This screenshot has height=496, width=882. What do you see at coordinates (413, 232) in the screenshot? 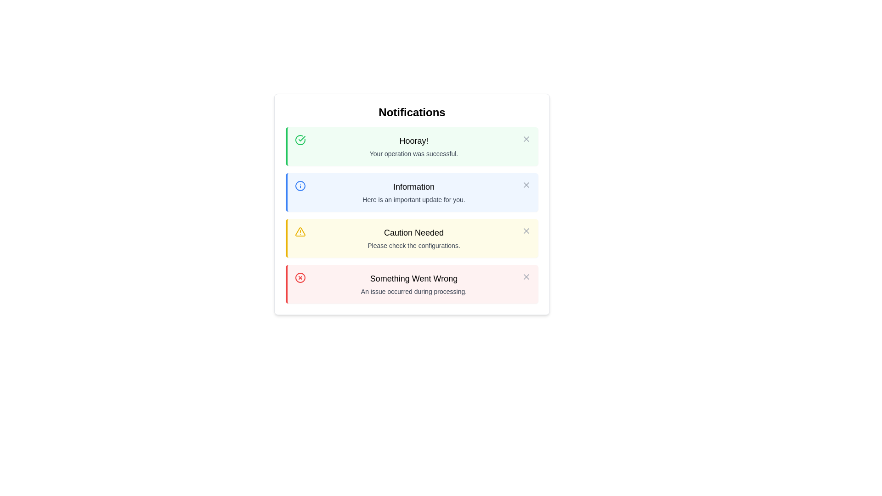
I see `alert message title displayed in the text label, located centrally within the third notification card beneath the main title 'Notifications'` at bounding box center [413, 232].